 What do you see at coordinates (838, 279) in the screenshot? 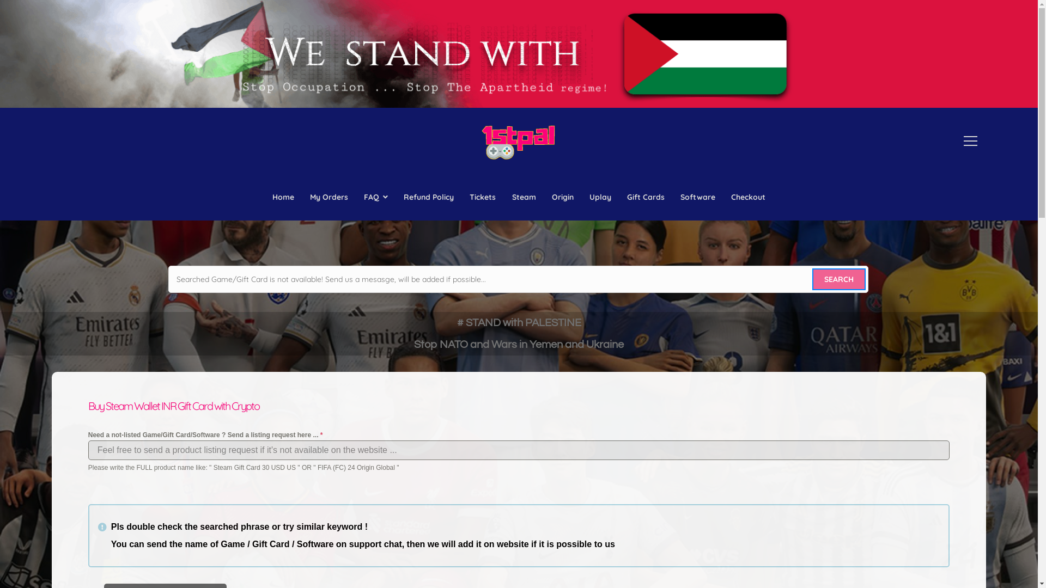
I see `'SEARCH'` at bounding box center [838, 279].